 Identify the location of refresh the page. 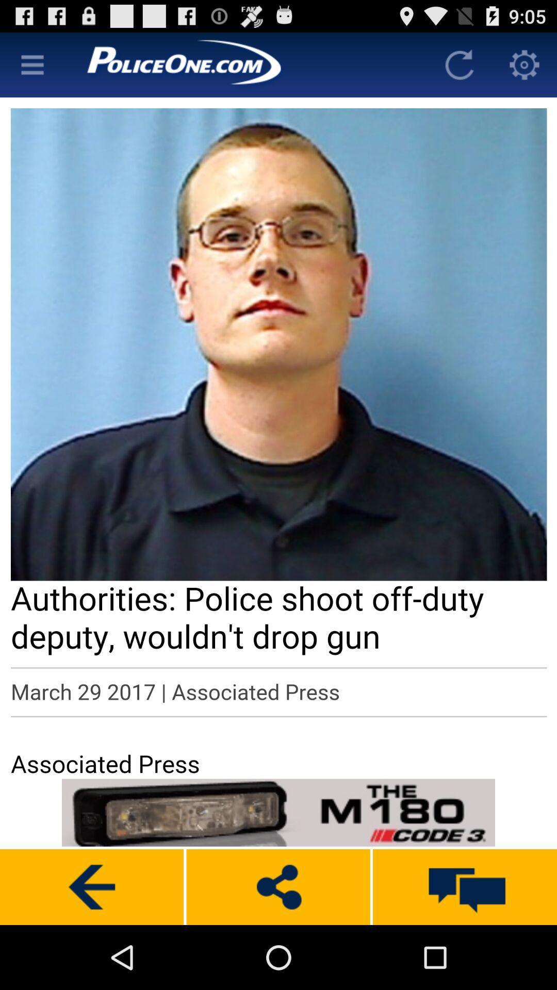
(459, 64).